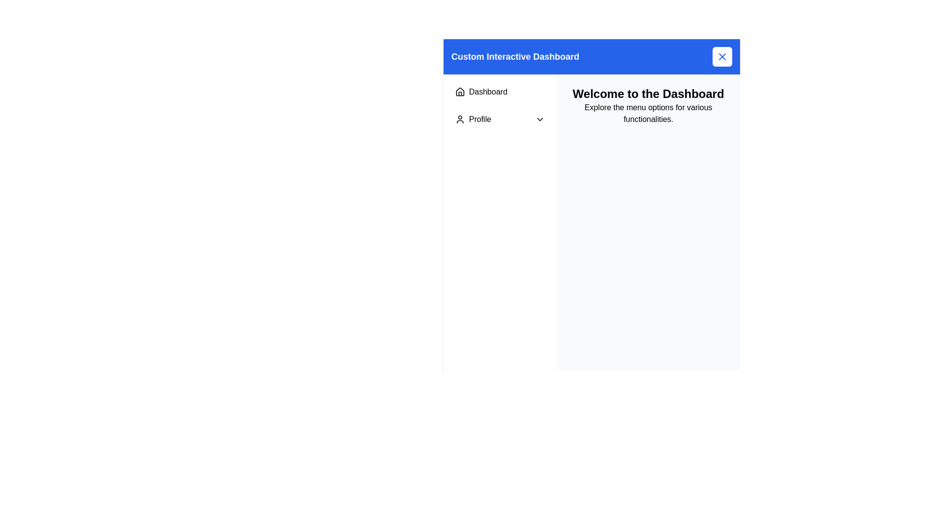  What do you see at coordinates (460, 92) in the screenshot?
I see `the house-shaped icon element, which is a minimalistic SVG graphic outlined in a dark hue, located directly to the left of the 'Dashboard' label in the left-side menu section` at bounding box center [460, 92].